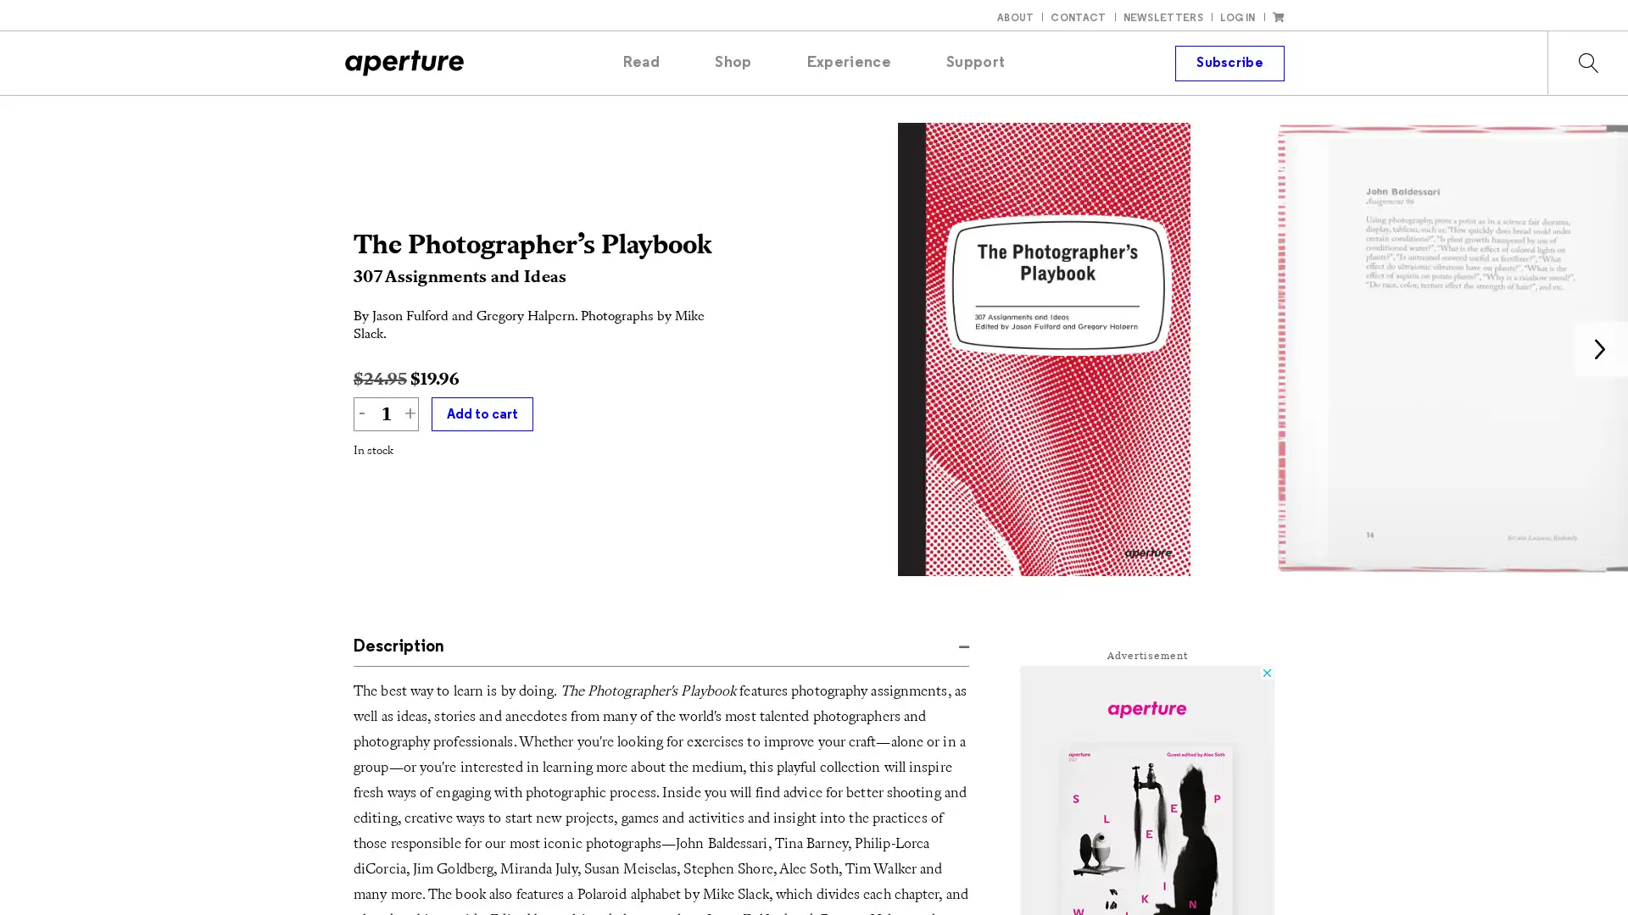  I want to click on +, so click(410, 414).